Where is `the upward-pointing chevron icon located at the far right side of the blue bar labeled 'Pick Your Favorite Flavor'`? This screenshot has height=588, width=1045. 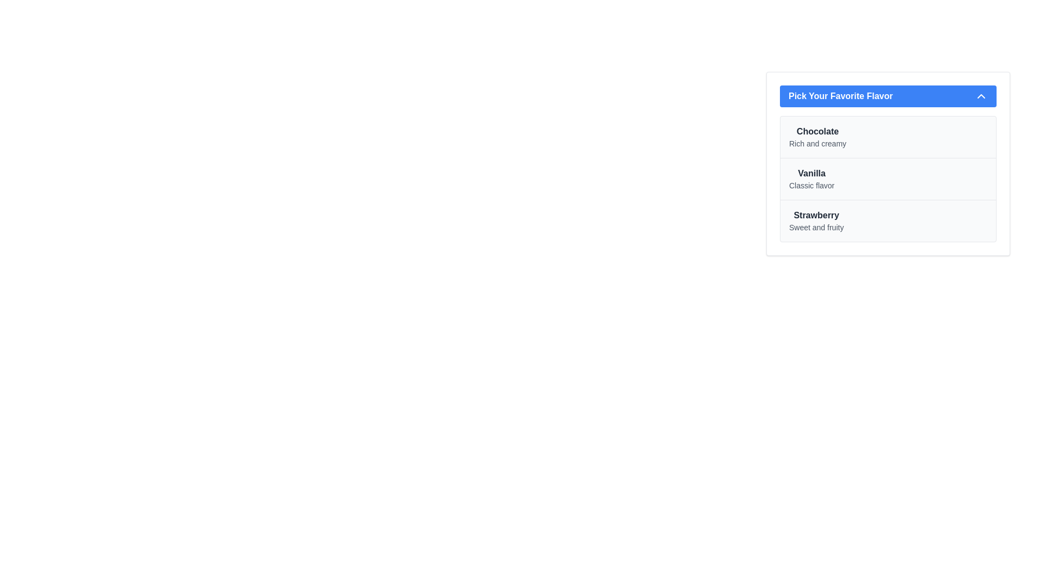
the upward-pointing chevron icon located at the far right side of the blue bar labeled 'Pick Your Favorite Flavor' is located at coordinates (981, 96).